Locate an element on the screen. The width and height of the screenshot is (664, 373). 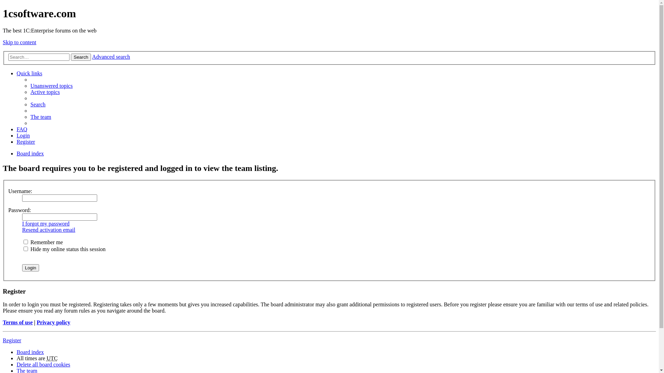
'Advanced search' is located at coordinates (91, 56).